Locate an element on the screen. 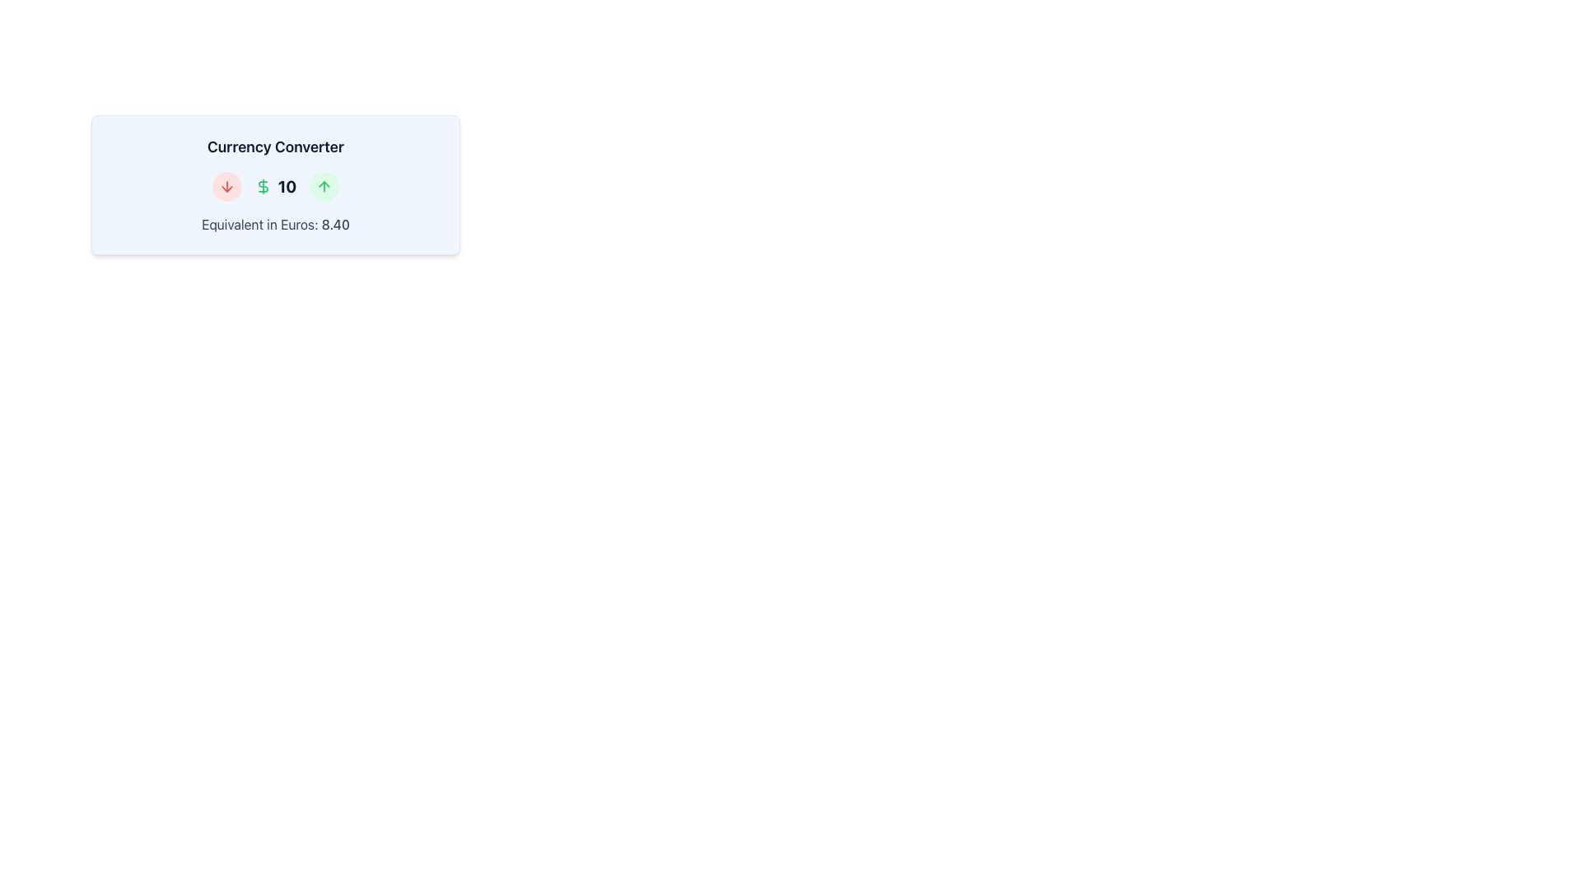 This screenshot has height=889, width=1581. the increment button, which is the rightmost button next to the bold numeric text '10' is located at coordinates (324, 186).